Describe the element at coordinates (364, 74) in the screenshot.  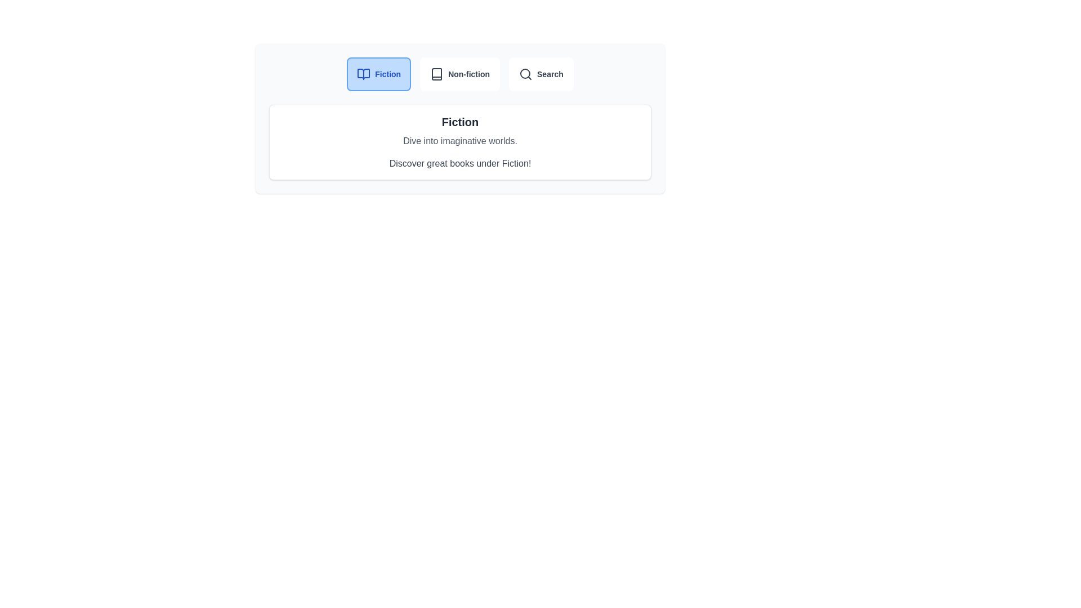
I see `the blue-outlined book icon with a white background that is located to the left of the text 'Fiction' in a styled button` at that location.